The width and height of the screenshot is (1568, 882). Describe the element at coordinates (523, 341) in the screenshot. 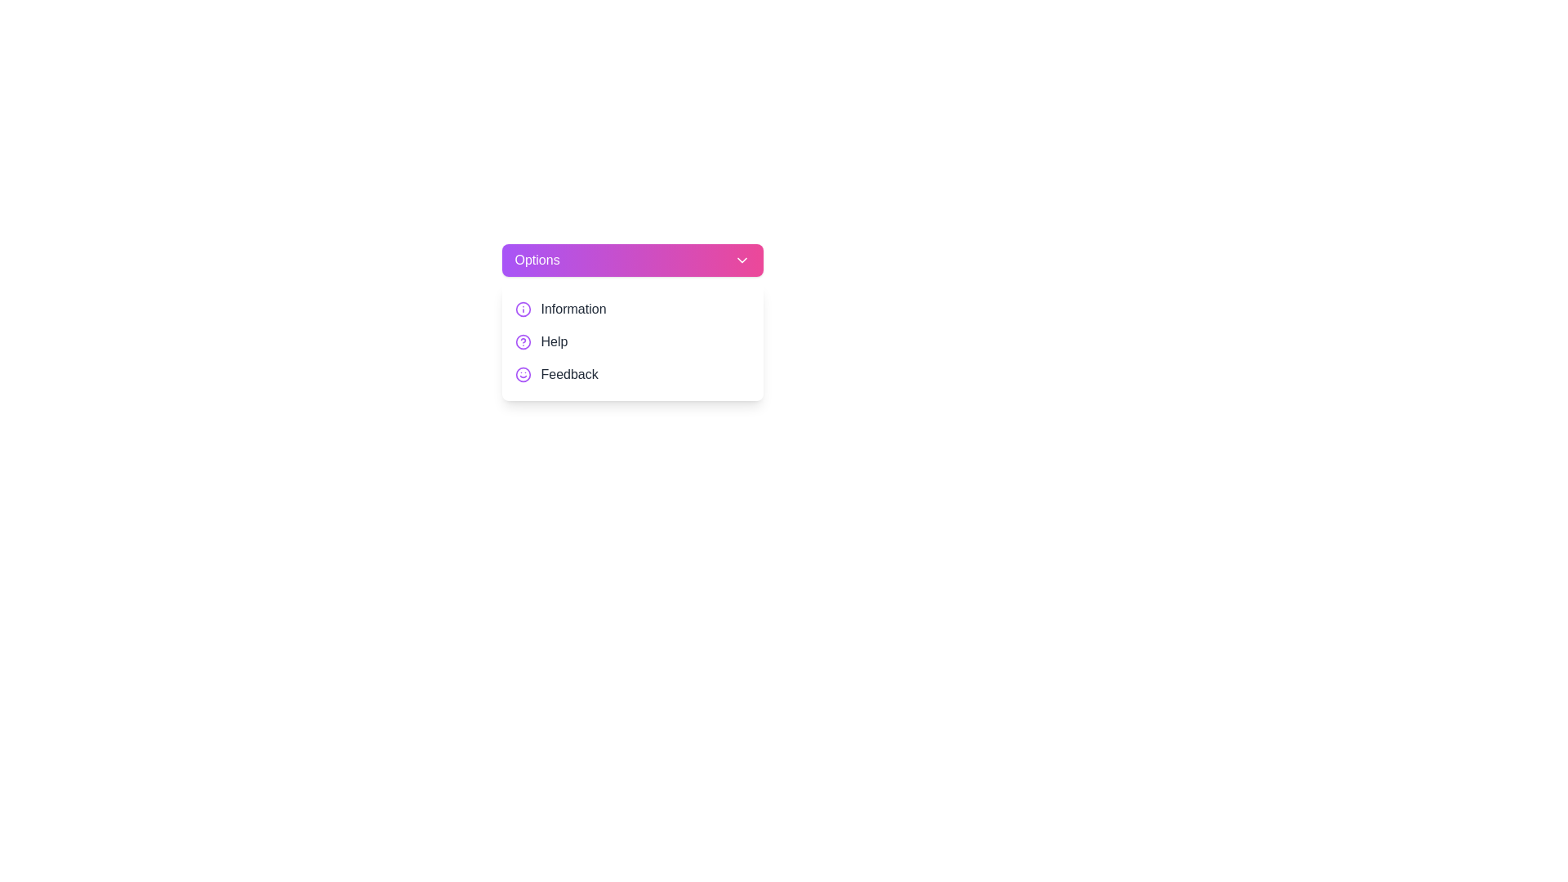

I see `the purple circle within the SVG graphical element of the information icon, located to the left of the text 'Information' in the dropdown menu` at that location.